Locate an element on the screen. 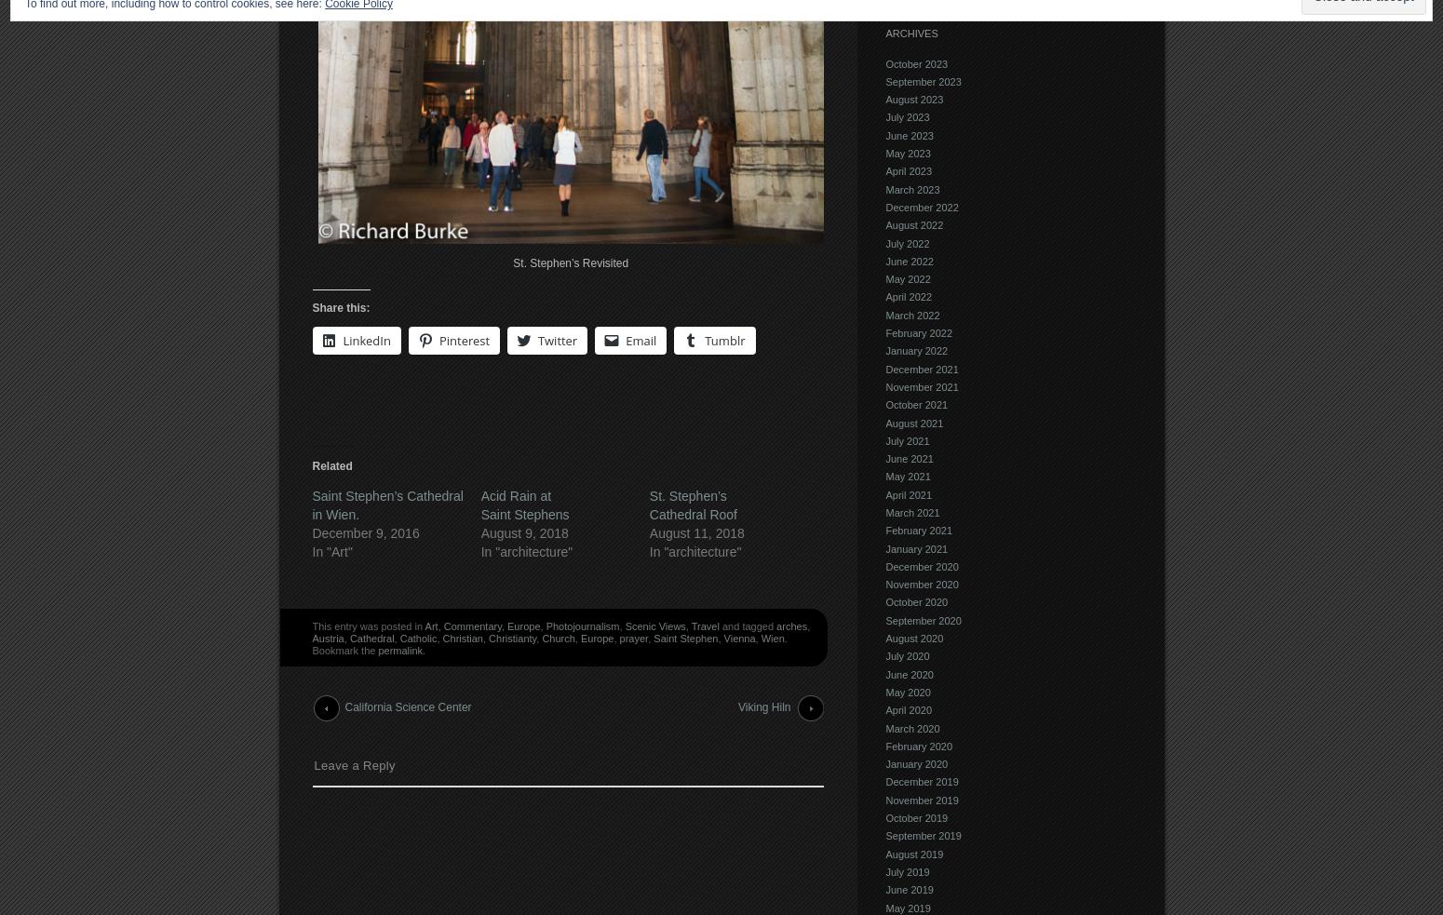 The width and height of the screenshot is (1443, 915). 'Photojournalism' is located at coordinates (581, 624).